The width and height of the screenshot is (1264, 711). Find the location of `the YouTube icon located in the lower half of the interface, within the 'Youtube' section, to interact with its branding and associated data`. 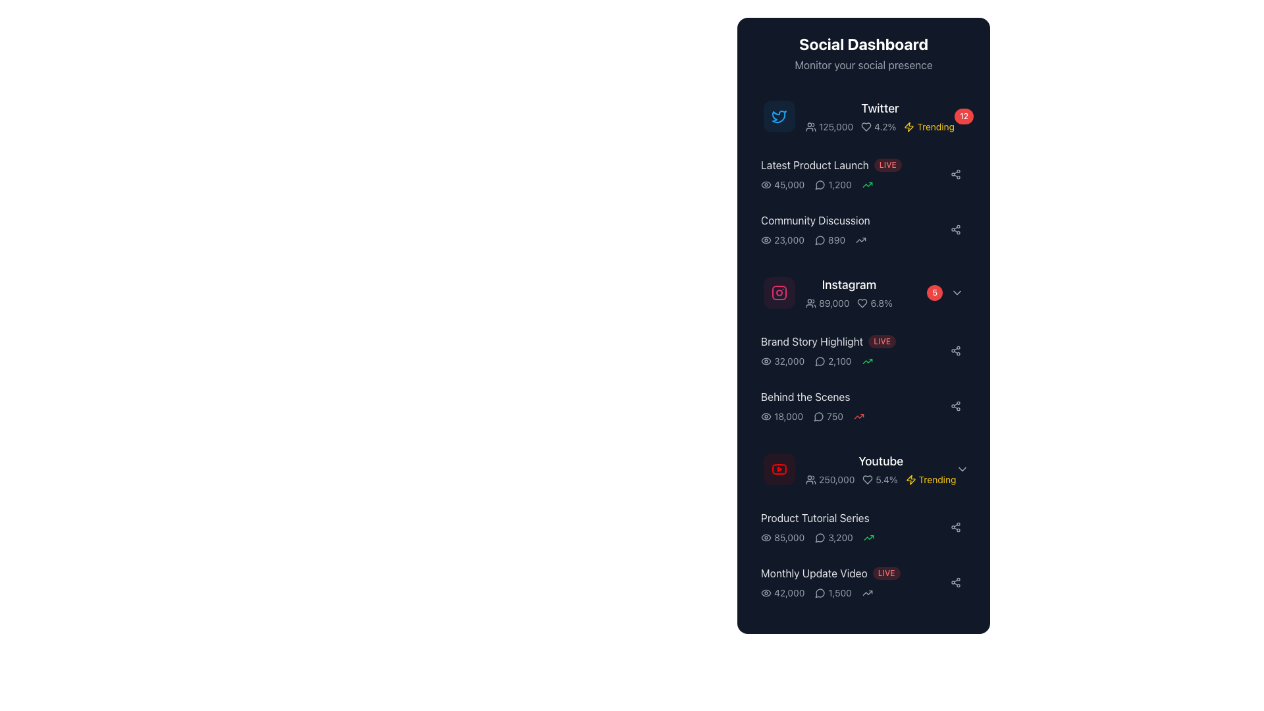

the YouTube icon located in the lower half of the interface, within the 'Youtube' section, to interact with its branding and associated data is located at coordinates (779, 469).